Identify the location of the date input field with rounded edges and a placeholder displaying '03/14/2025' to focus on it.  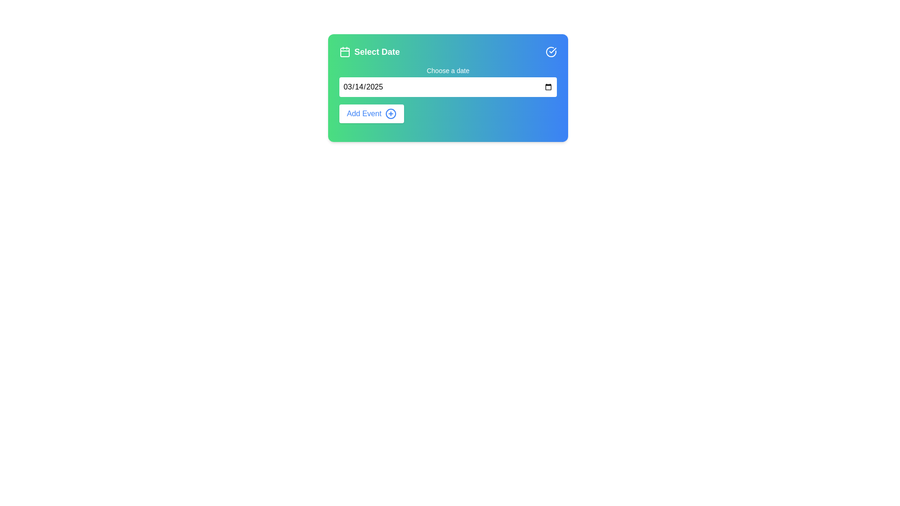
(447, 87).